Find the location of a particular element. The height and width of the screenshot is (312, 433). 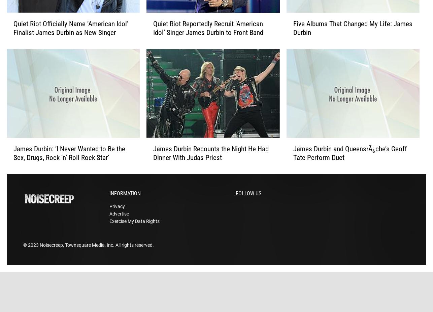

'2023' is located at coordinates (33, 255).